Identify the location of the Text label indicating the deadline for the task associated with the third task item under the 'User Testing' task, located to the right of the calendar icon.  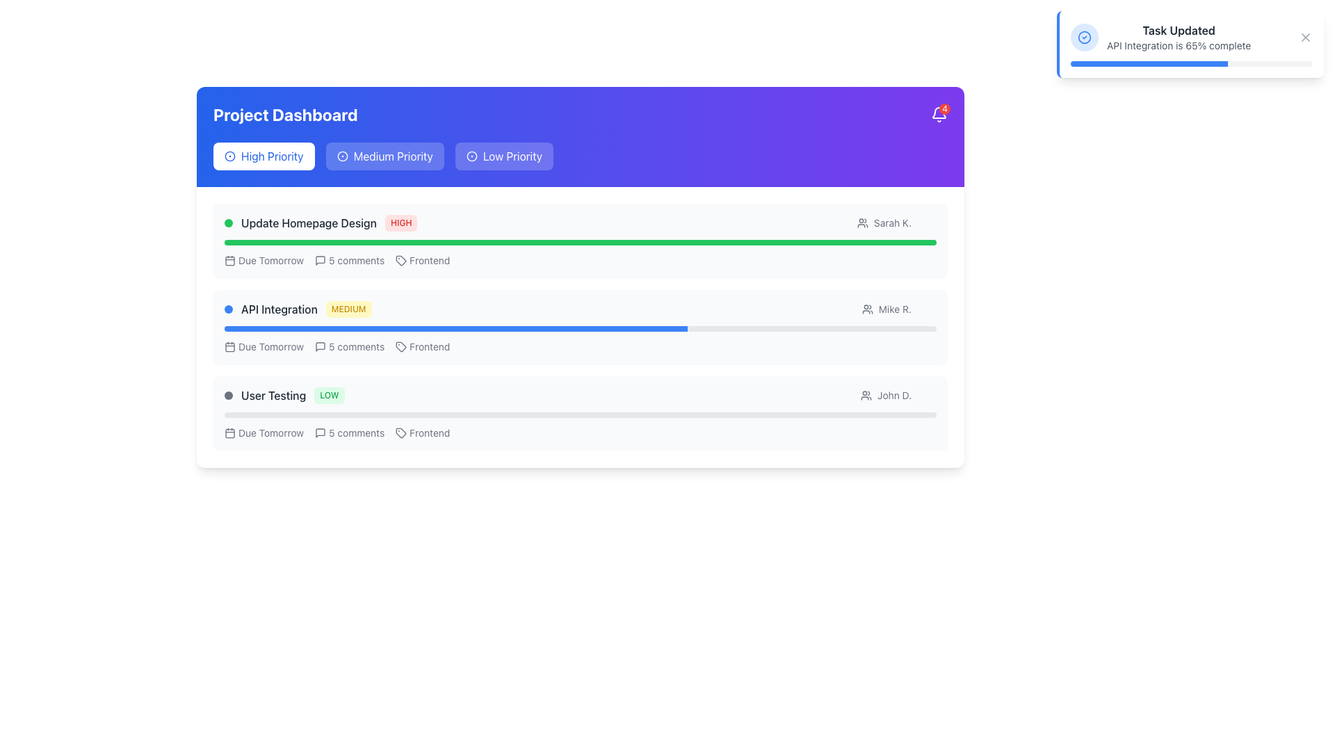
(271, 433).